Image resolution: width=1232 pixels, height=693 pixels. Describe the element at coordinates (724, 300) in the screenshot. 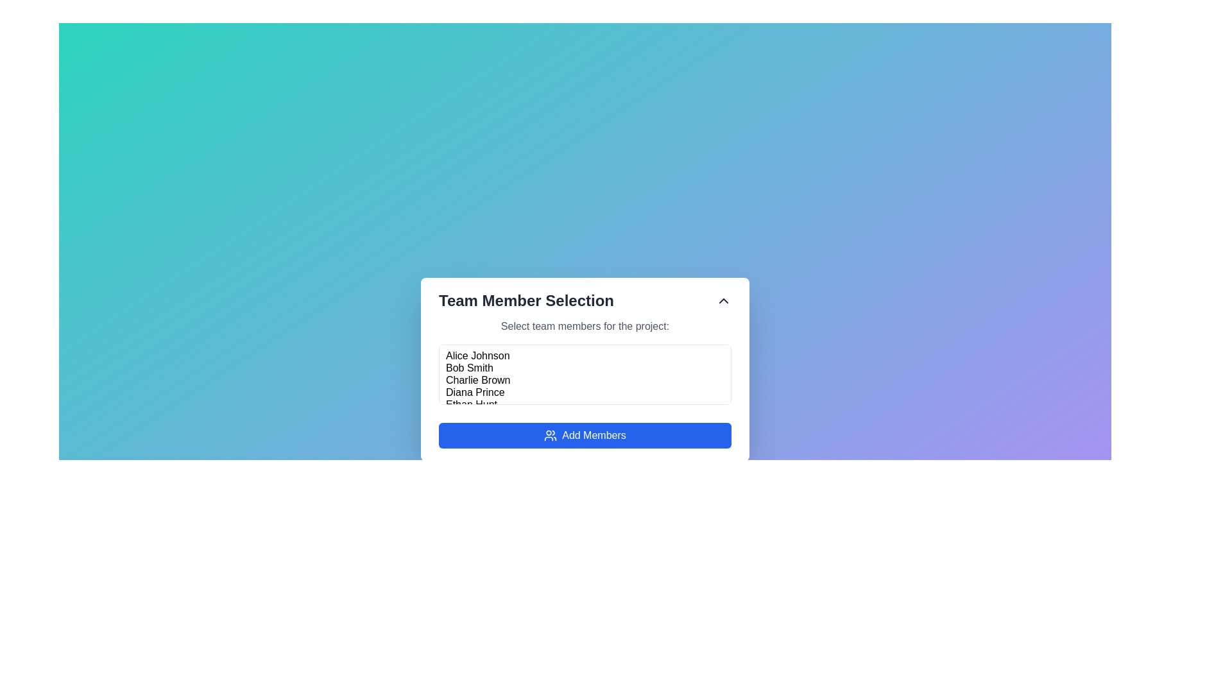

I see `the chevron-up button in the top-right corner of the 'Team Member Selection' box` at that location.